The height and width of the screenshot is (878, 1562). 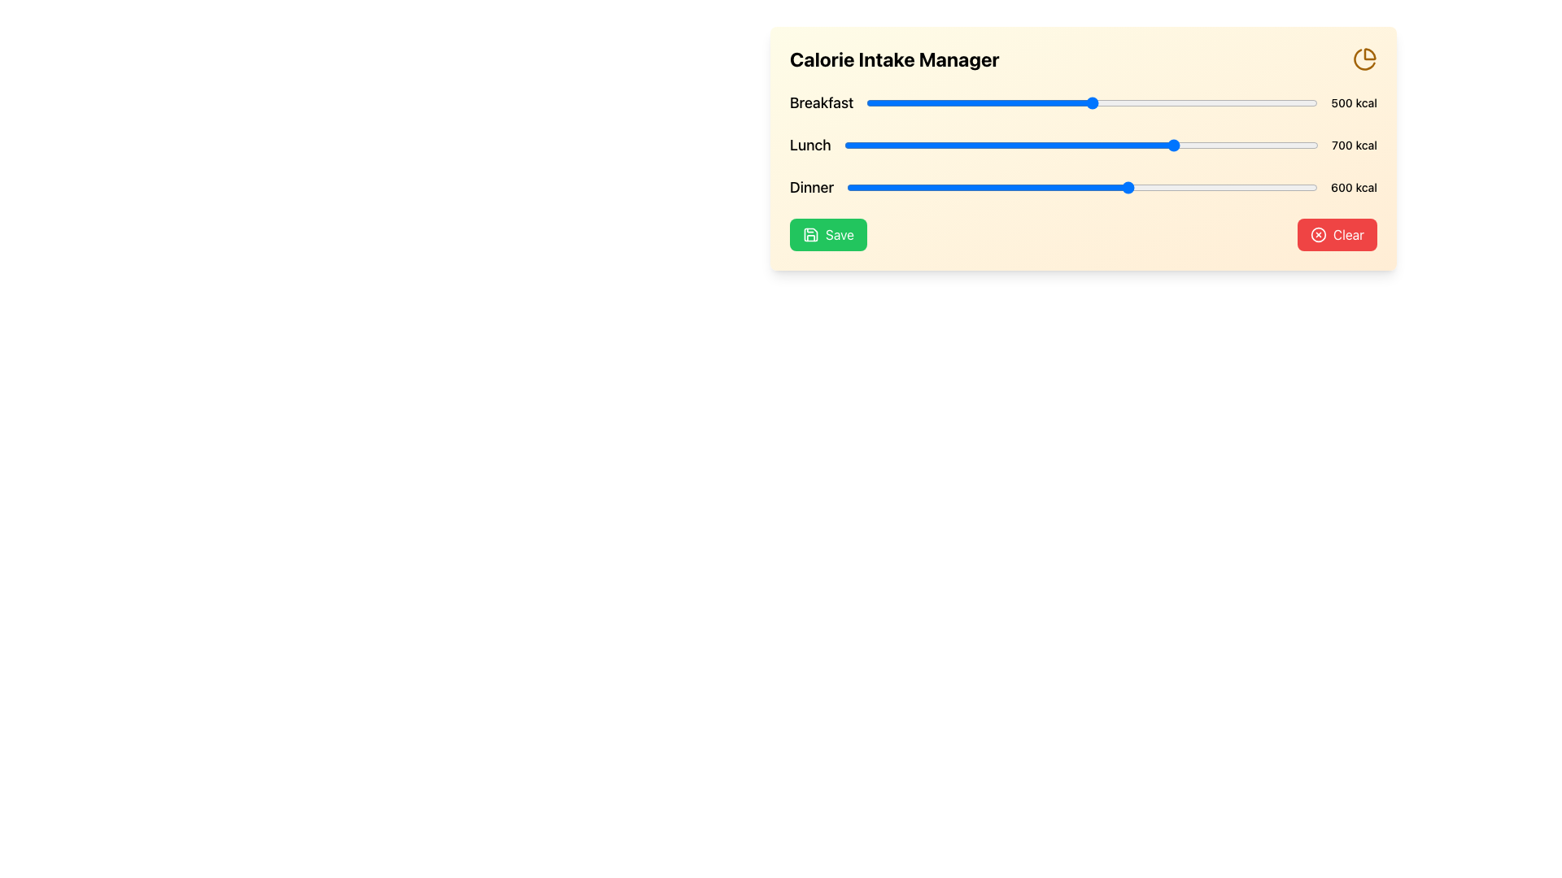 What do you see at coordinates (1037, 103) in the screenshot?
I see `the breakfast calorie intake` at bounding box center [1037, 103].